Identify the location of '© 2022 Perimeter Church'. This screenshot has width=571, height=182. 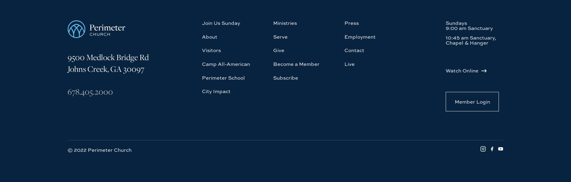
(99, 94).